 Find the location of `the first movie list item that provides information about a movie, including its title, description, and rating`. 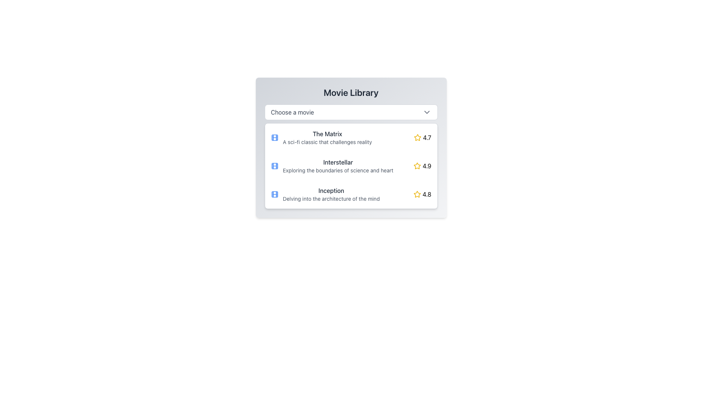

the first movie list item that provides information about a movie, including its title, description, and rating is located at coordinates (351, 138).